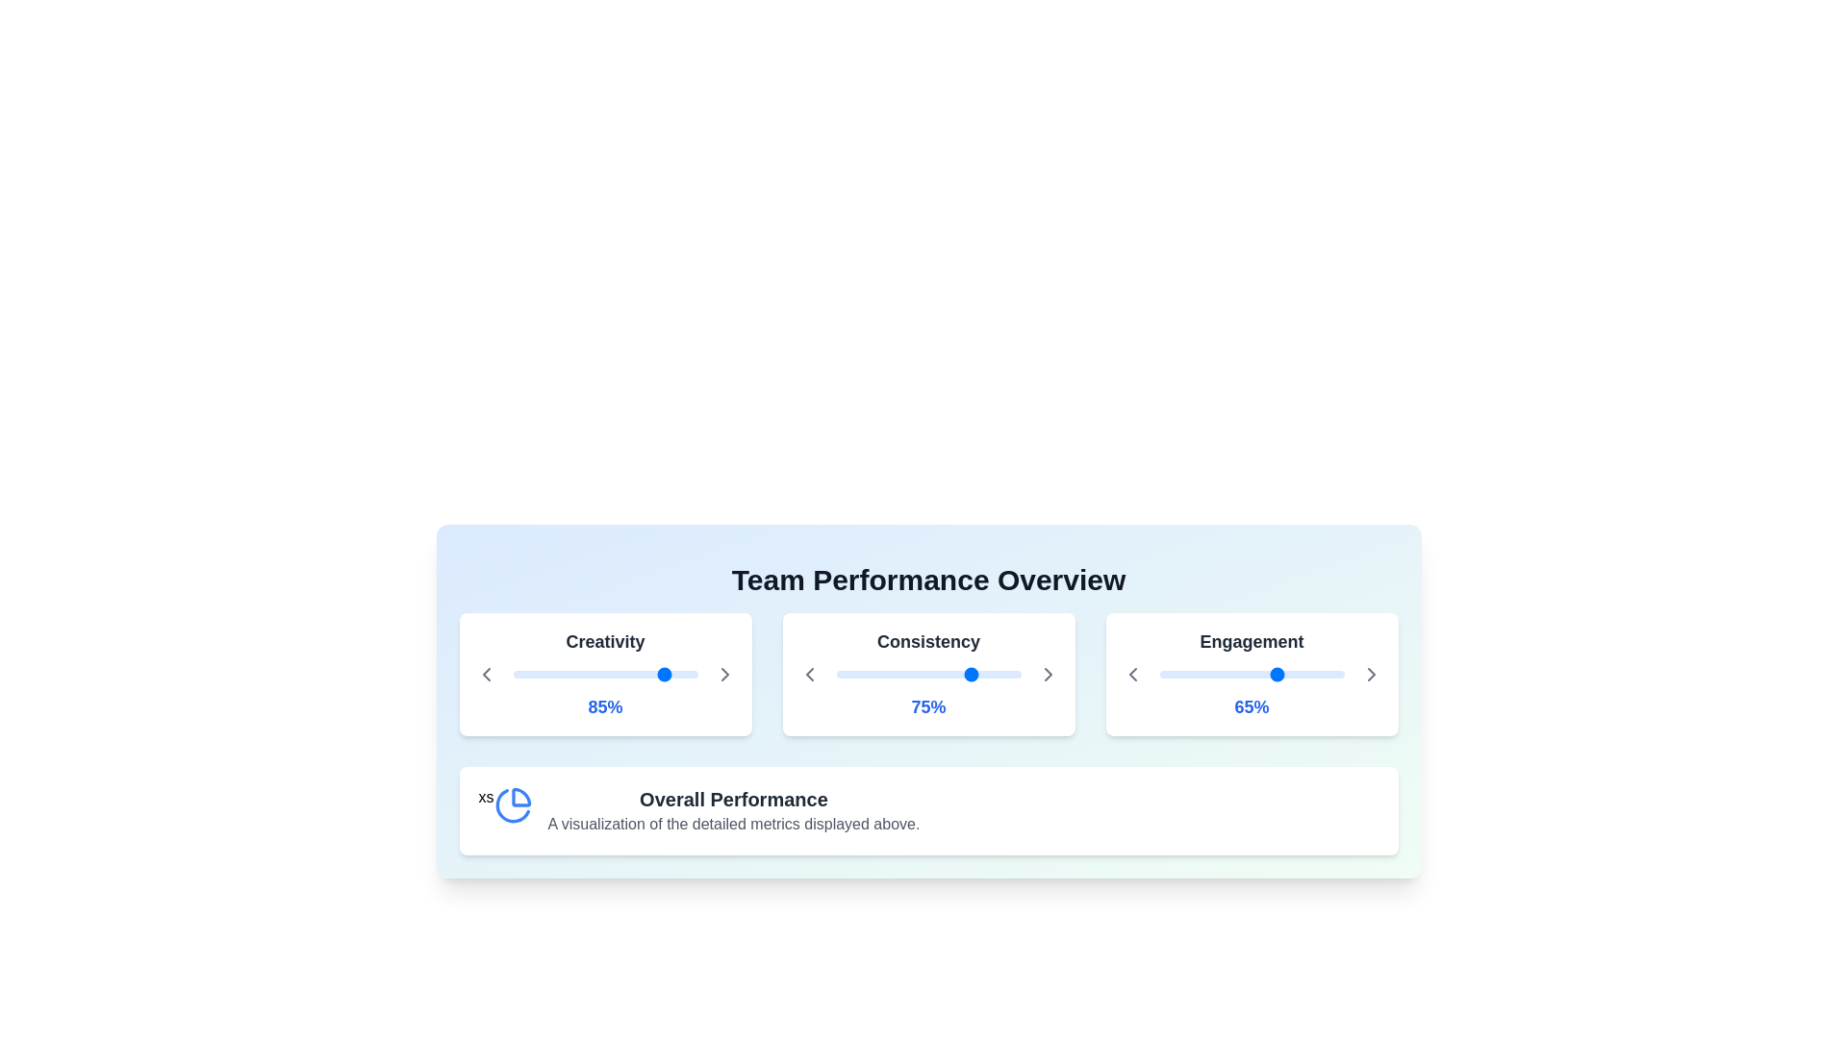 Image resolution: width=1847 pixels, height=1038 pixels. Describe the element at coordinates (928, 580) in the screenshot. I see `the header element that introduces the performance metrics section, which includes metrics like 'Creativity,' 'Consistency,' and 'Engagement.'` at that location.